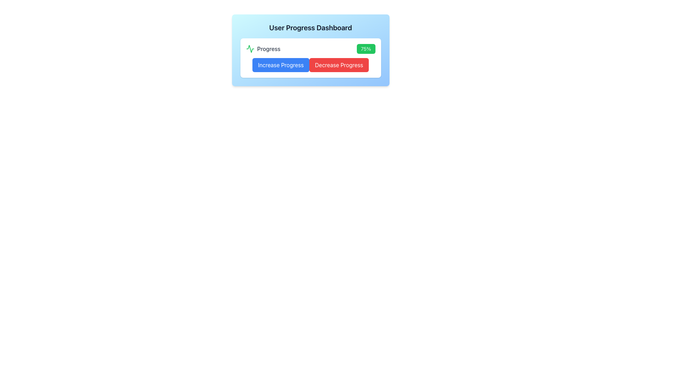  What do you see at coordinates (250, 48) in the screenshot?
I see `the progress icon located near the top-left corner of the dashboard display area, which indicates activity alongside the 'Progress' text and '75%' percentage value` at bounding box center [250, 48].